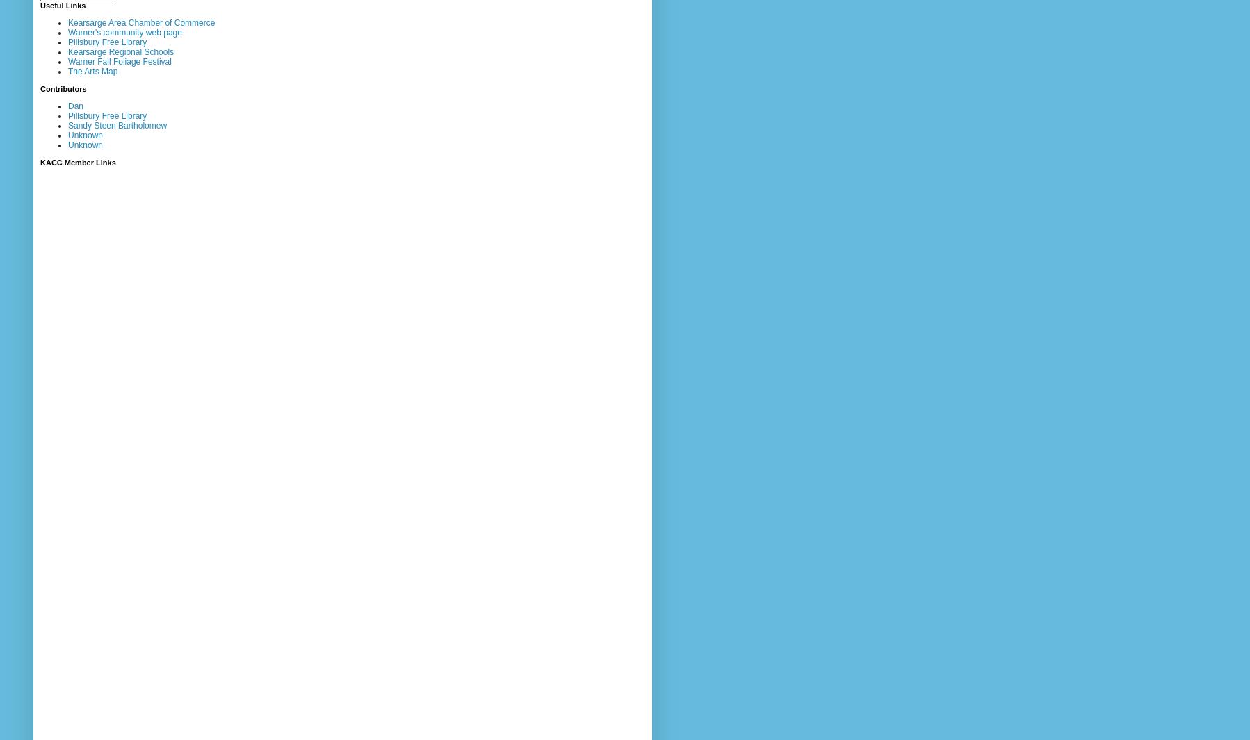 The image size is (1250, 740). What do you see at coordinates (62, 88) in the screenshot?
I see `'Contributors'` at bounding box center [62, 88].